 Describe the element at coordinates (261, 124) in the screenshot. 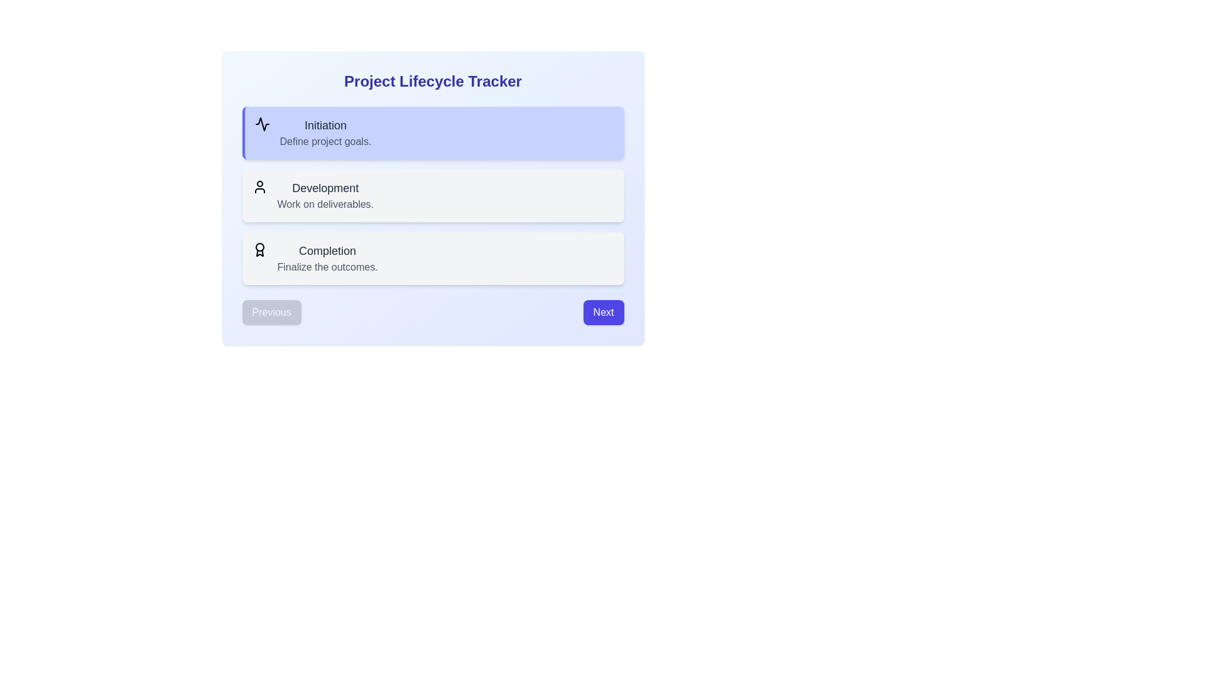

I see `the 'Initiation' icon located at the top-left corner of the first card in the 'Project Lifecycle Tracker', which visually represents the 'Initiation' concept` at that location.